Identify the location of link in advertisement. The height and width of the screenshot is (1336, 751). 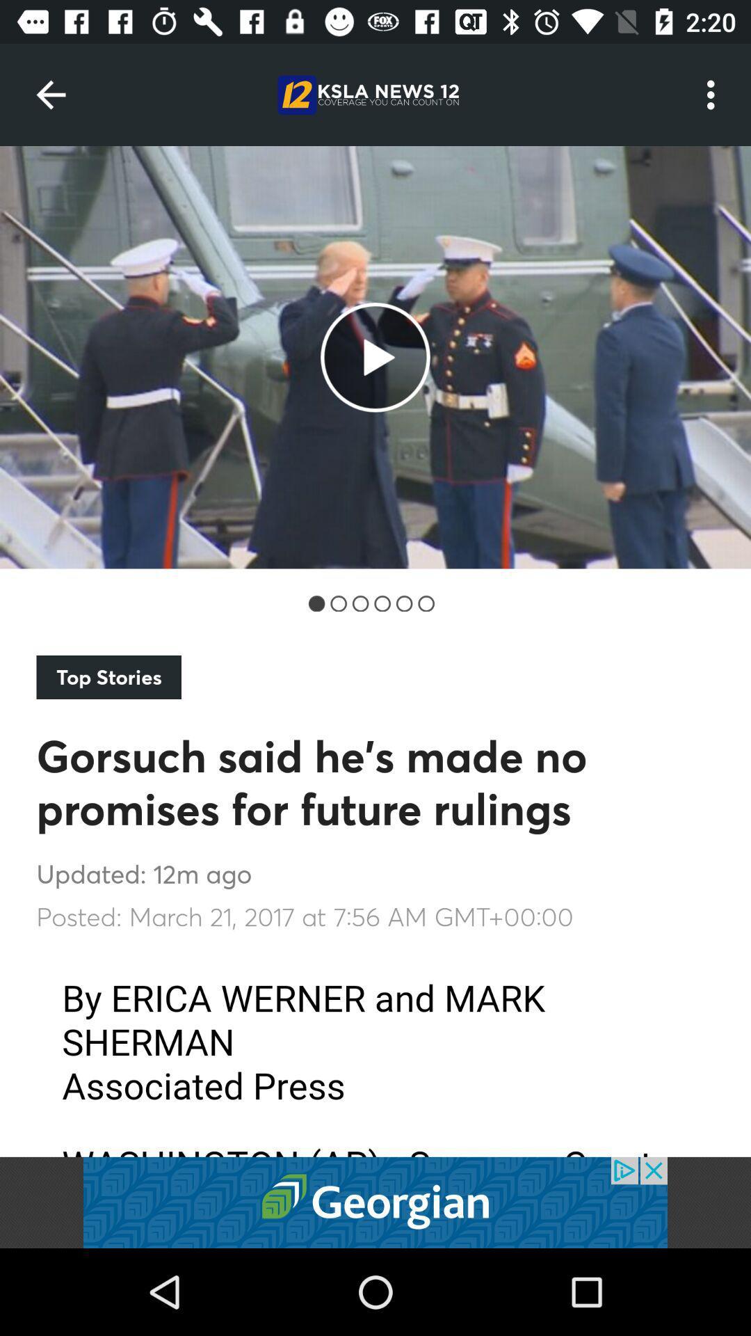
(375, 1202).